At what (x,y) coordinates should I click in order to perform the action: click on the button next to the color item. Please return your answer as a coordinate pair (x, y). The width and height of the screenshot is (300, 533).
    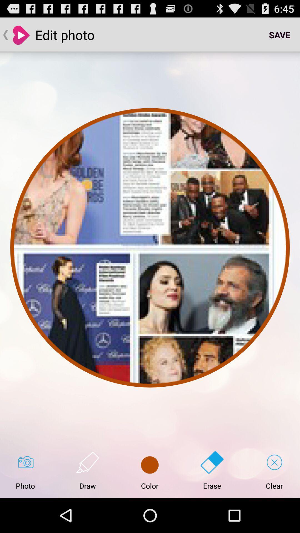
    Looking at the image, I should click on (87, 470).